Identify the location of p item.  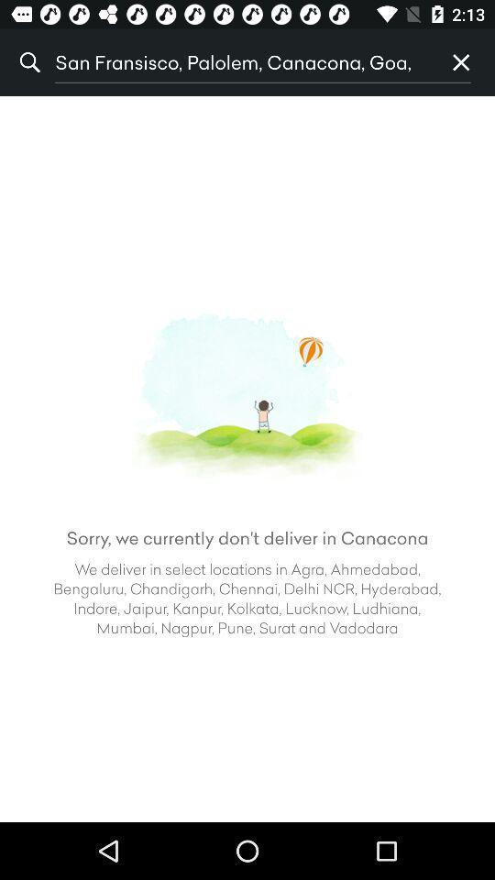
(460, 62).